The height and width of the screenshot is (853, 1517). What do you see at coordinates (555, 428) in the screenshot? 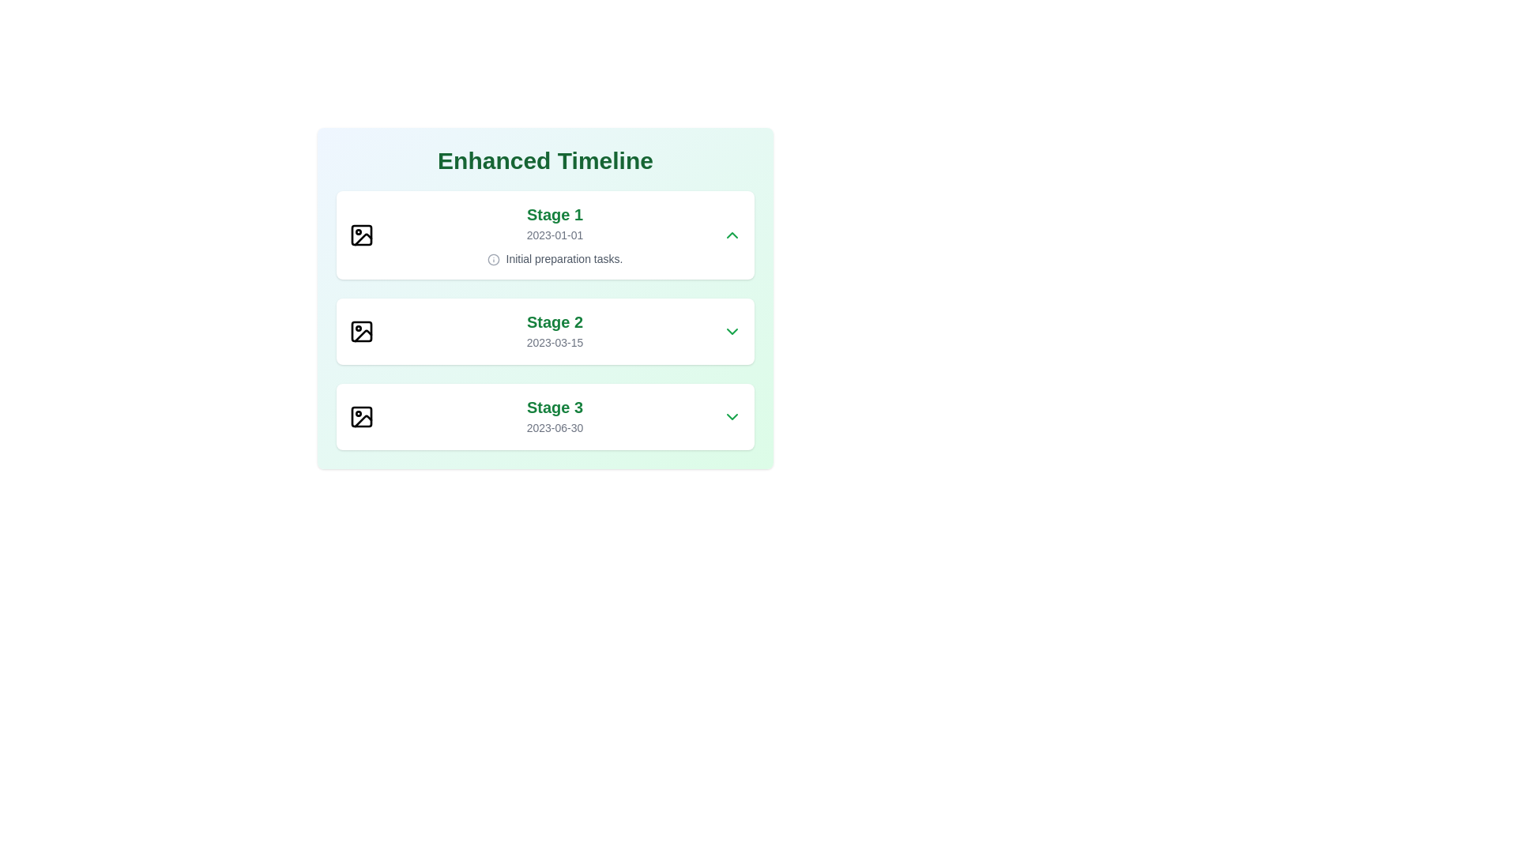
I see `text displayed in the Text Label that shows the date '2023-06-30', which is positioned below the label 'Stage 3'` at bounding box center [555, 428].